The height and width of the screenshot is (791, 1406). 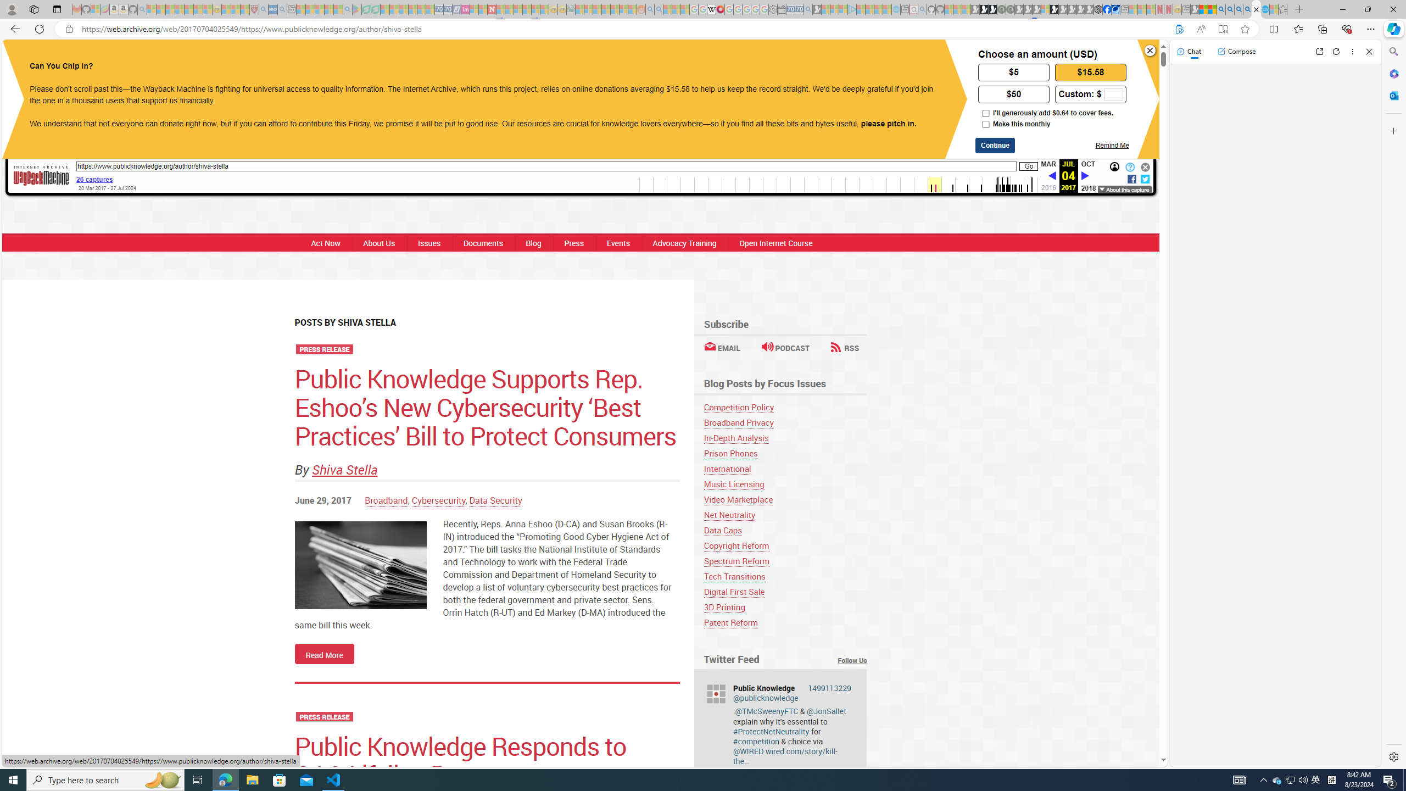 What do you see at coordinates (784, 591) in the screenshot?
I see `'Digital First Sale'` at bounding box center [784, 591].